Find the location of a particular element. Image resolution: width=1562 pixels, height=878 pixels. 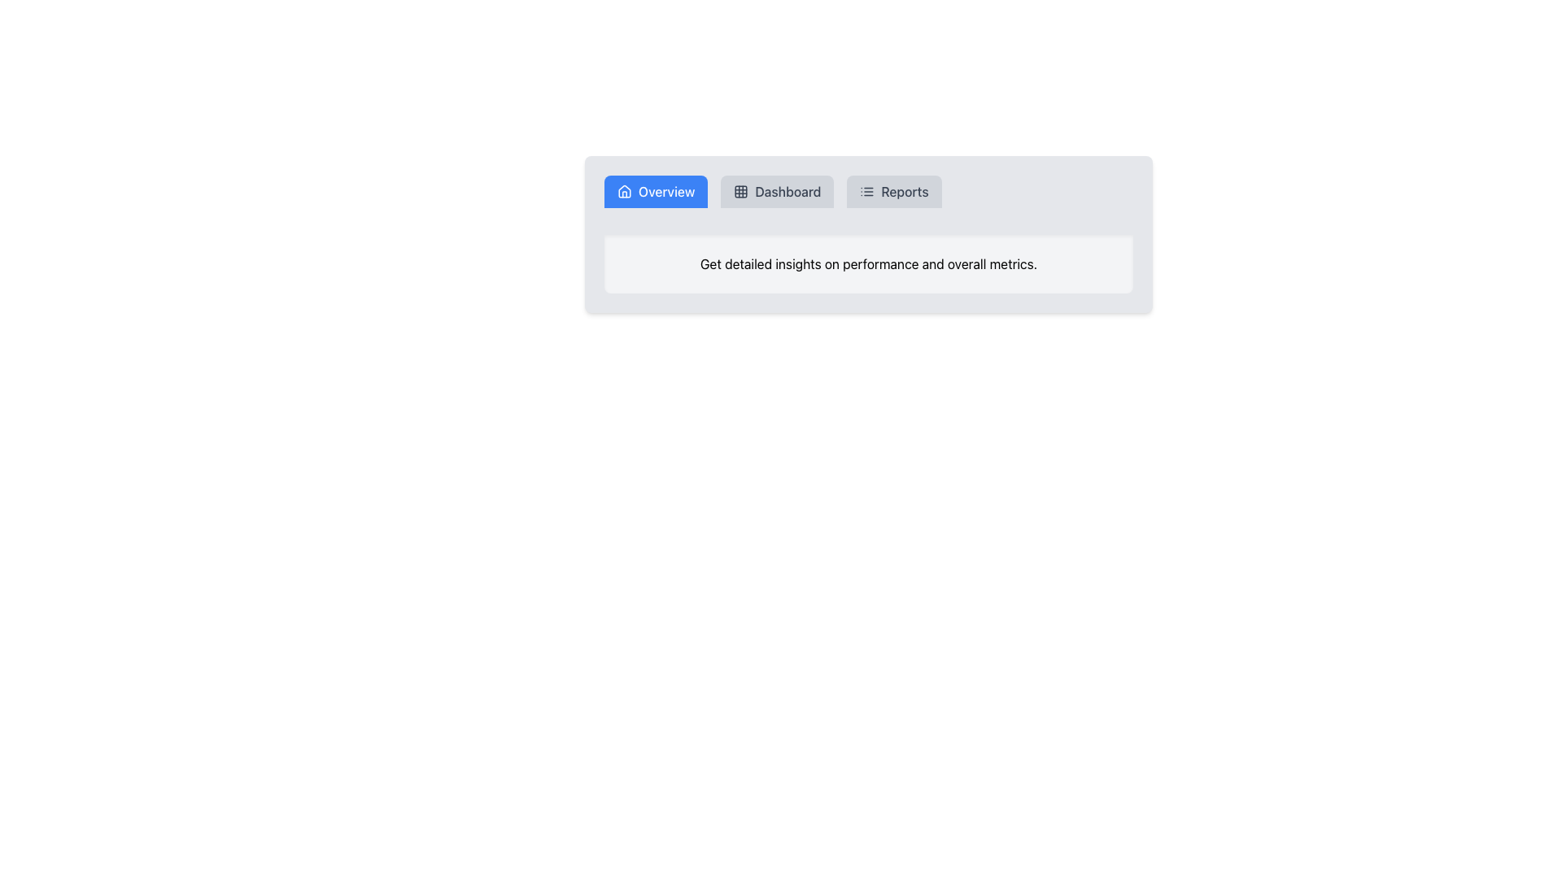

the navigation tab located at the top section of the light gray card-like structure is located at coordinates (868, 197).